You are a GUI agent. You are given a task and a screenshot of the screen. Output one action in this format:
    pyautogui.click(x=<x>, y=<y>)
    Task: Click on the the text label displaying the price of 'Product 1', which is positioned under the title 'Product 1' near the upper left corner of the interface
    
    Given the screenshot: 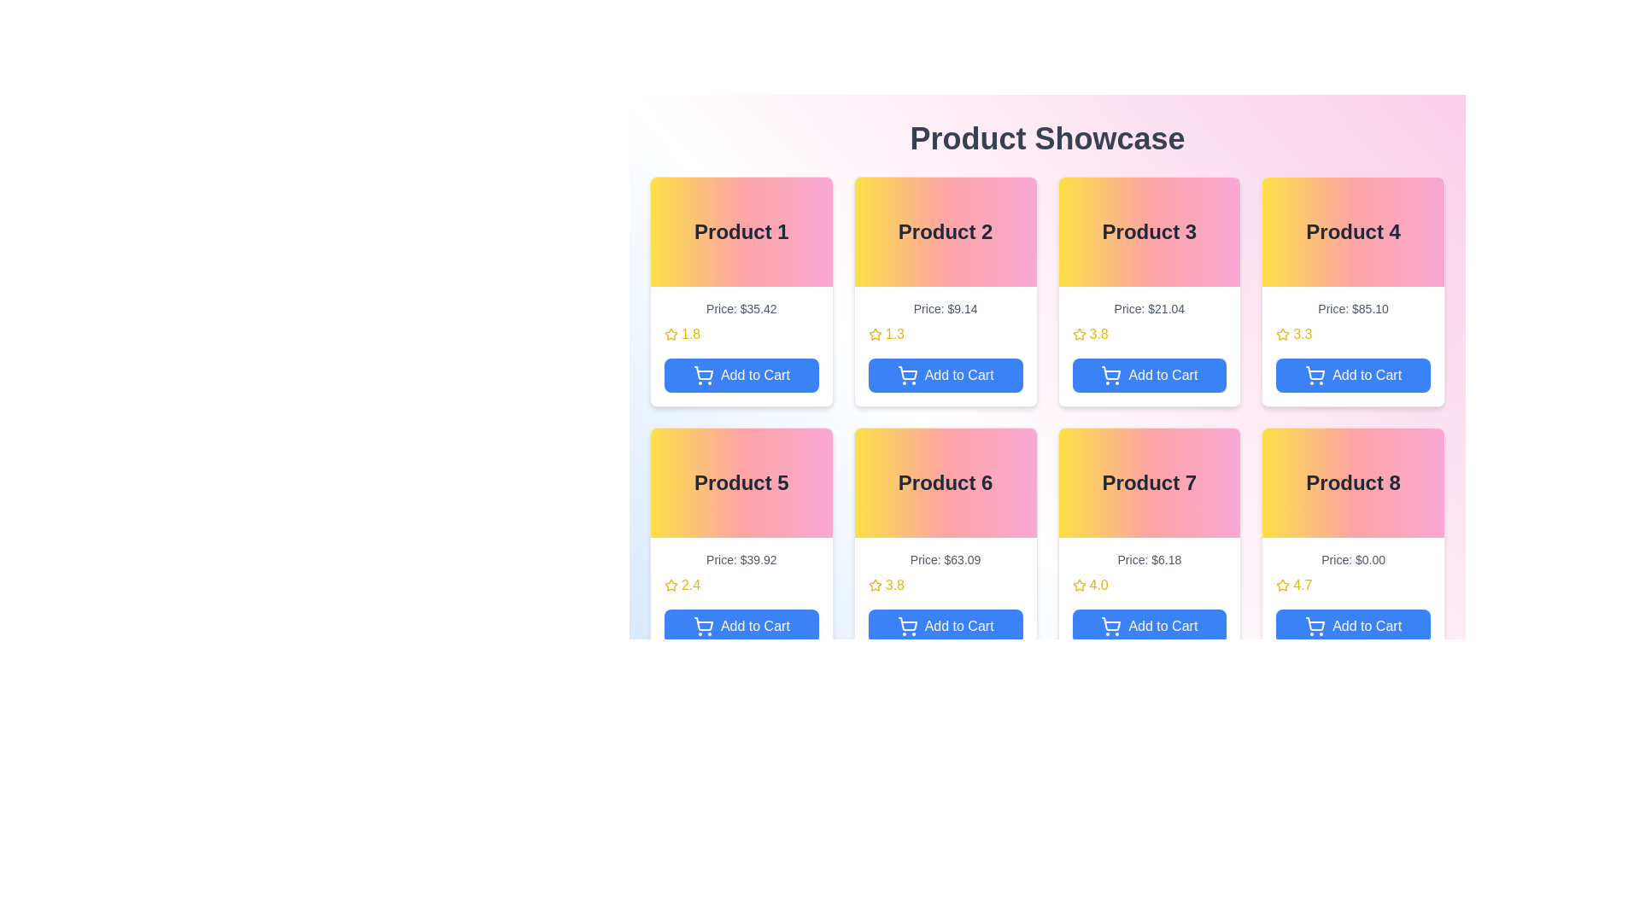 What is the action you would take?
    pyautogui.click(x=741, y=309)
    